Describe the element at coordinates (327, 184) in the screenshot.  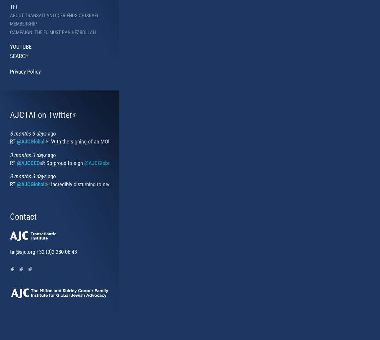
I see `'https://t.co/zTZrDieT1q'` at that location.